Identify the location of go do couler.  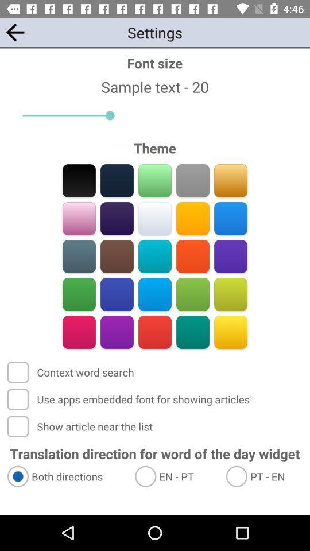
(117, 332).